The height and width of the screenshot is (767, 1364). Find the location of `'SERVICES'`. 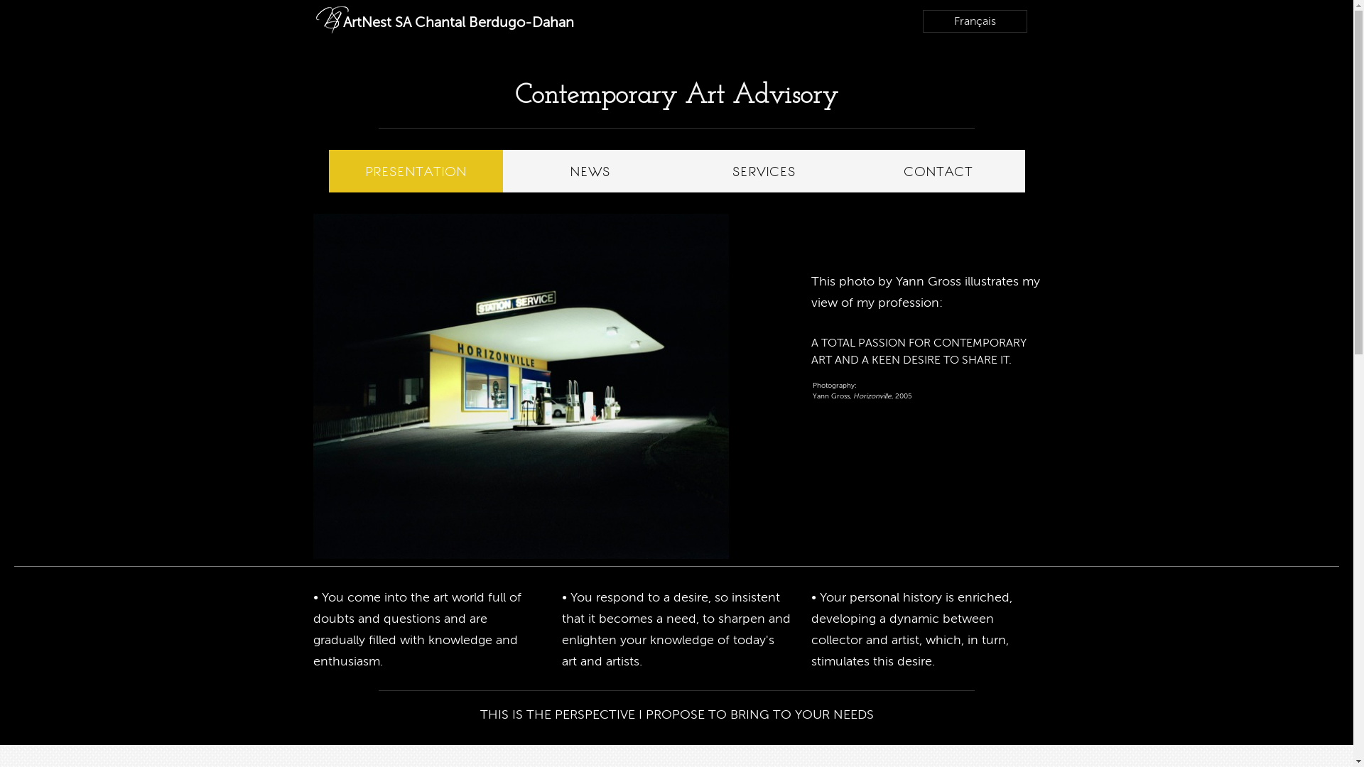

'SERVICES' is located at coordinates (762, 170).